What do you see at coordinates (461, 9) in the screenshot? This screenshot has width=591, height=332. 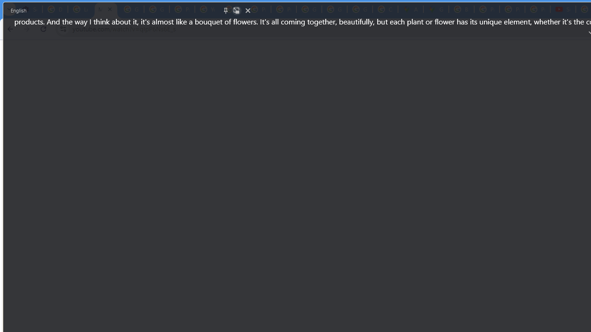 I see `'Blogger Policies and Guidelines - Transparency Center'` at bounding box center [461, 9].